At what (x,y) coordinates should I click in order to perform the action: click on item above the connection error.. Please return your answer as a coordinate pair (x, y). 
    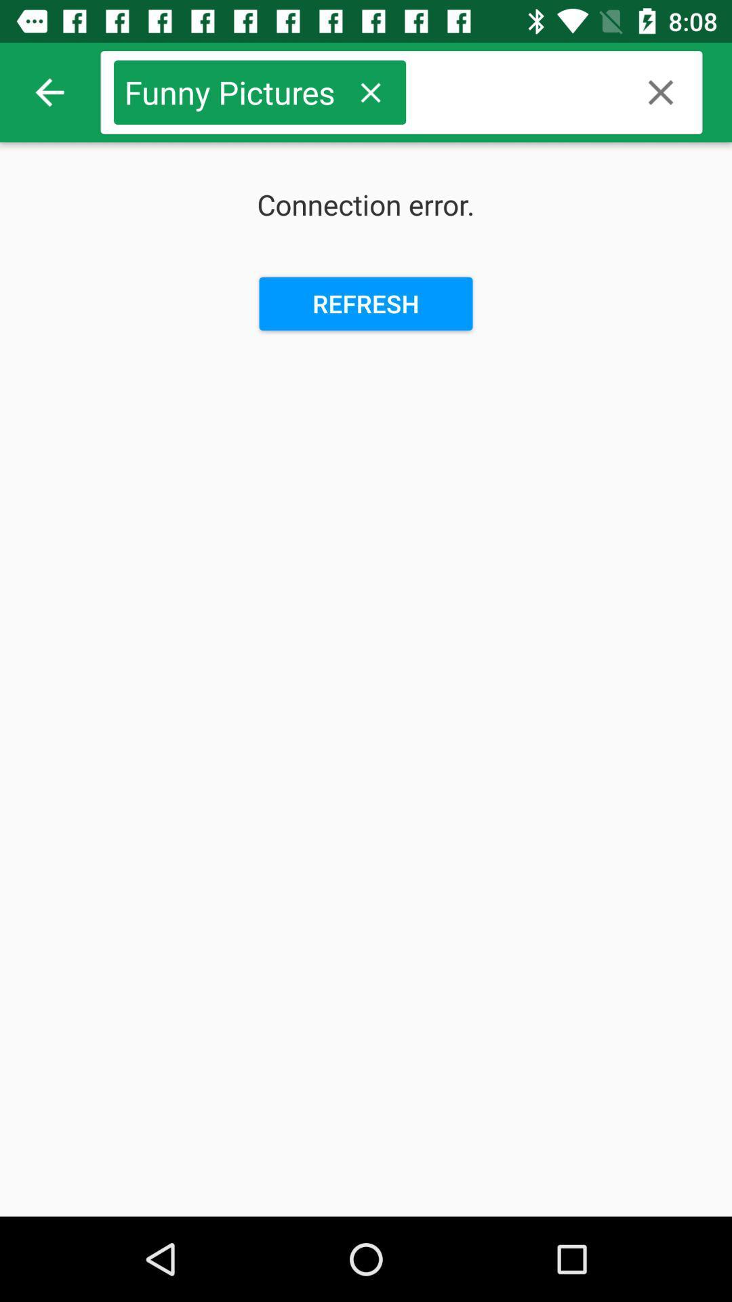
    Looking at the image, I should click on (49, 92).